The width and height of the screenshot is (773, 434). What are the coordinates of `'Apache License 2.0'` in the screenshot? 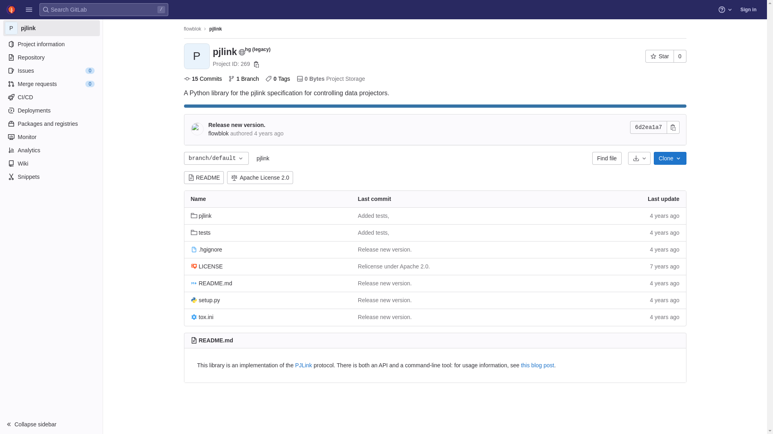 It's located at (260, 177).